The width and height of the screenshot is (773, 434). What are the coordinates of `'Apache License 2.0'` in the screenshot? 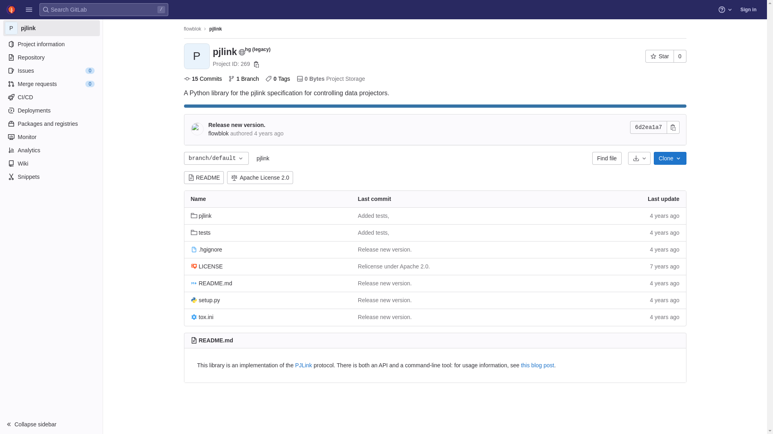 It's located at (260, 177).